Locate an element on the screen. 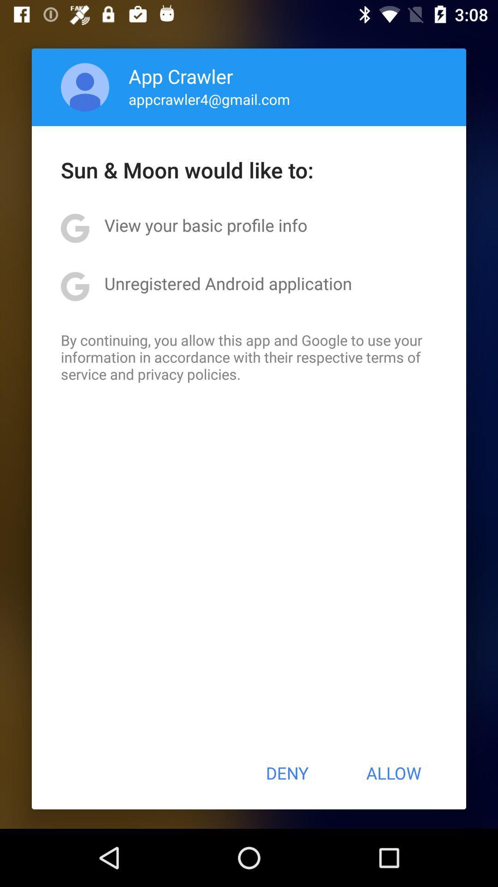 The image size is (498, 887). app below sun moon would is located at coordinates (205, 225).